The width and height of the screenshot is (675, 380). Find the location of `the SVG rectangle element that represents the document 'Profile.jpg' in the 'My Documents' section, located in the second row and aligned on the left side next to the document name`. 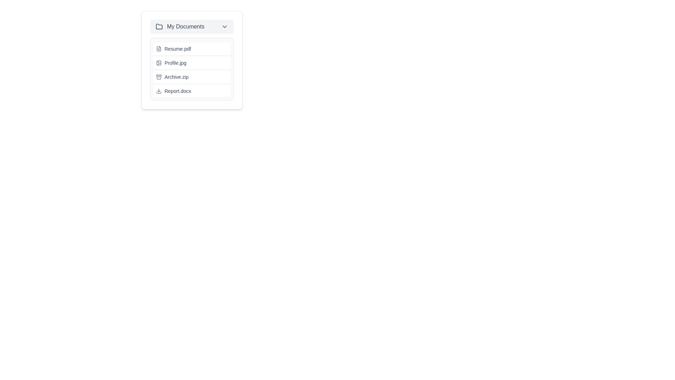

the SVG rectangle element that represents the document 'Profile.jpg' in the 'My Documents' section, located in the second row and aligned on the left side next to the document name is located at coordinates (158, 62).